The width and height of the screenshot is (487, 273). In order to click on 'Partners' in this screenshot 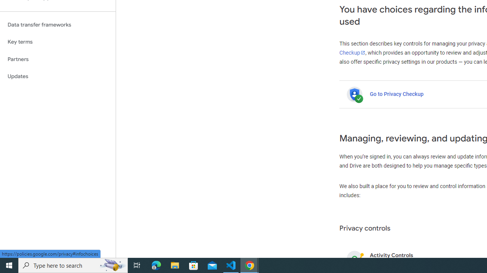, I will do `click(57, 59)`.